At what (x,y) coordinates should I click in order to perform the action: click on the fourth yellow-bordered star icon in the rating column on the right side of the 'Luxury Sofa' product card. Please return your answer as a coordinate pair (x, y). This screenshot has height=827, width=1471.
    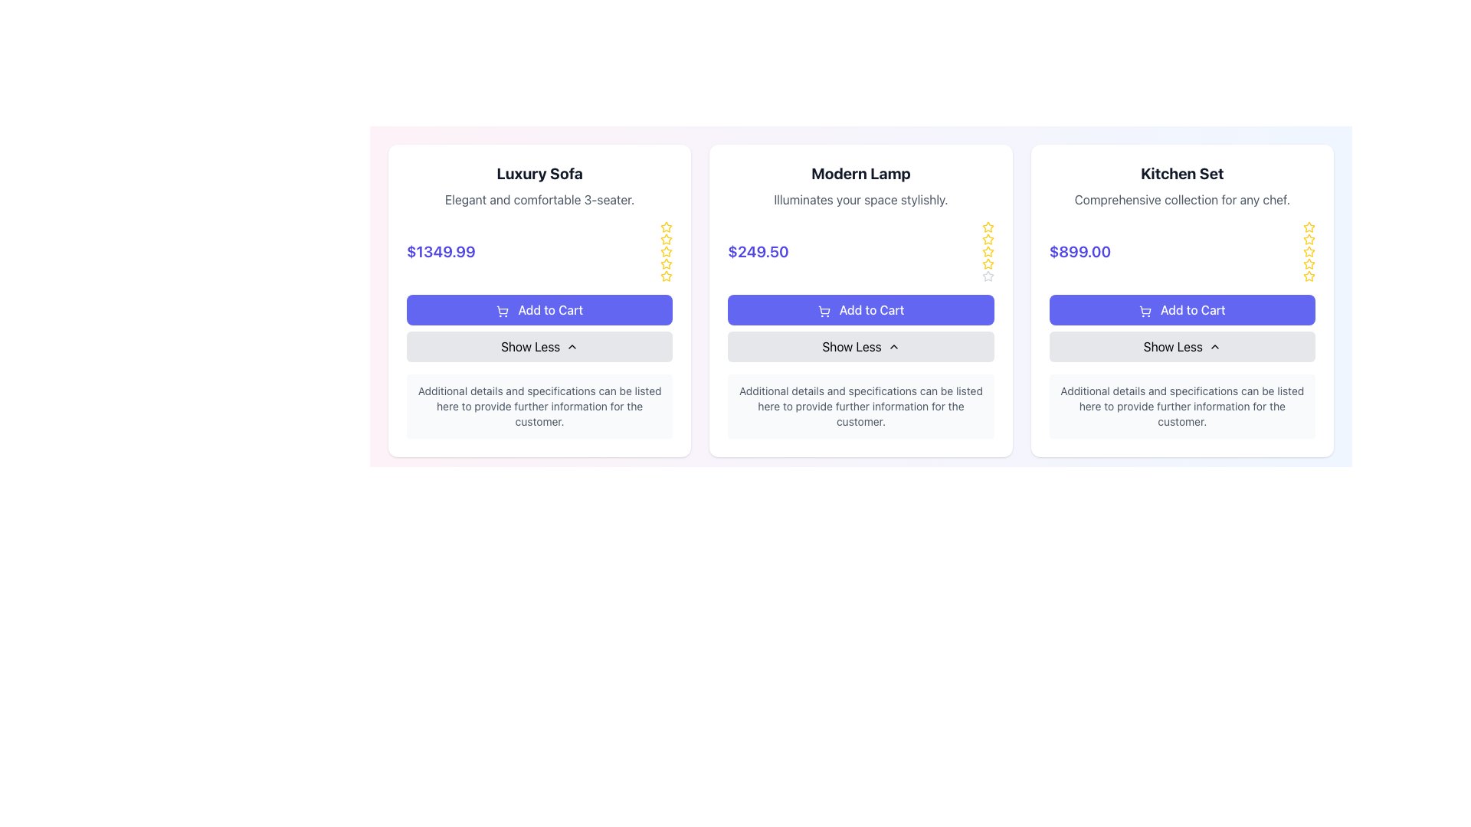
    Looking at the image, I should click on (667, 250).